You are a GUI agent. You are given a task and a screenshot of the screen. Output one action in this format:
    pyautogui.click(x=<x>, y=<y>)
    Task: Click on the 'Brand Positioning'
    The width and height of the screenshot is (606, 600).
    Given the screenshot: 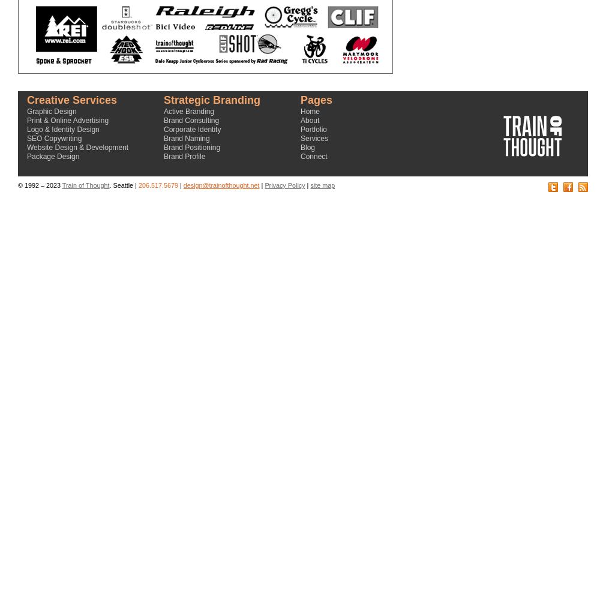 What is the action you would take?
    pyautogui.click(x=164, y=147)
    